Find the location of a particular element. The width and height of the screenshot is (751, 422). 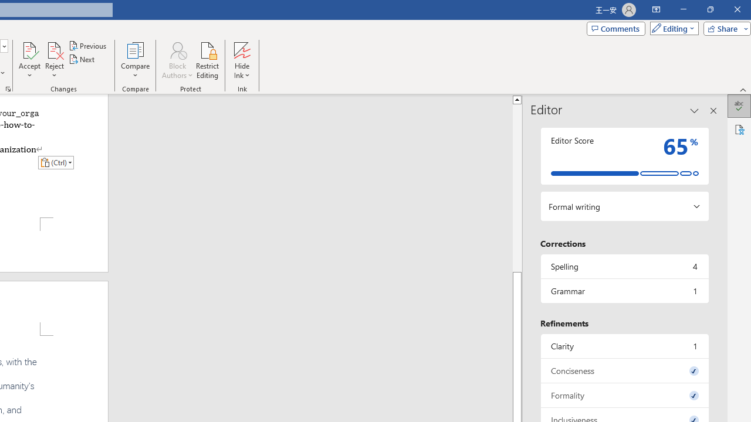

'Editing' is located at coordinates (671, 28).